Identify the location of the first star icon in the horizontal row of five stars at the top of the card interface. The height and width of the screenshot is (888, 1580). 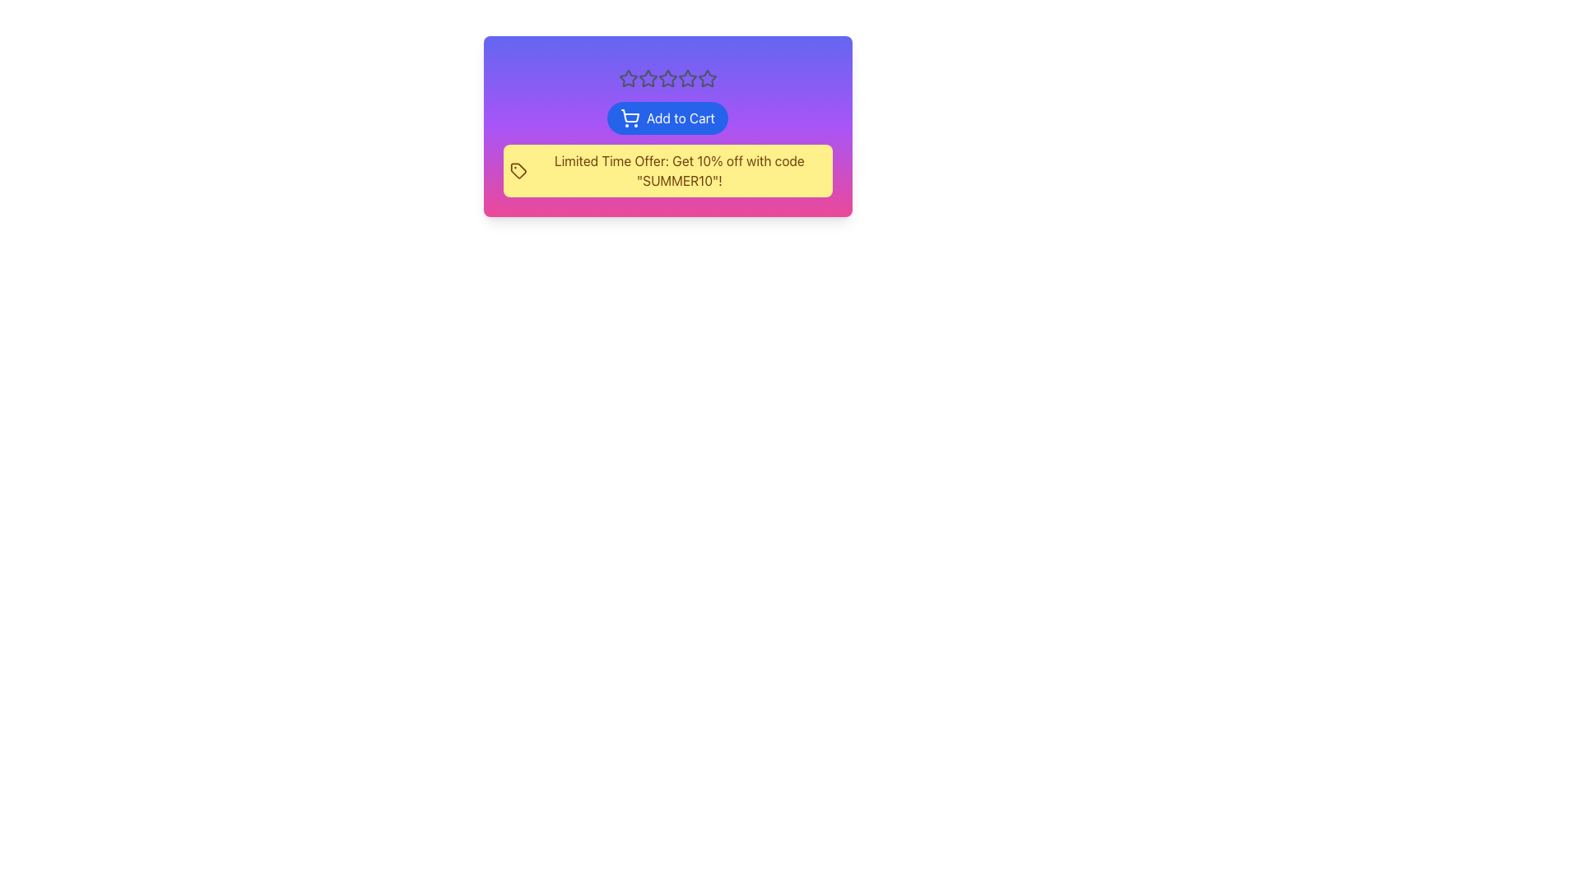
(647, 78).